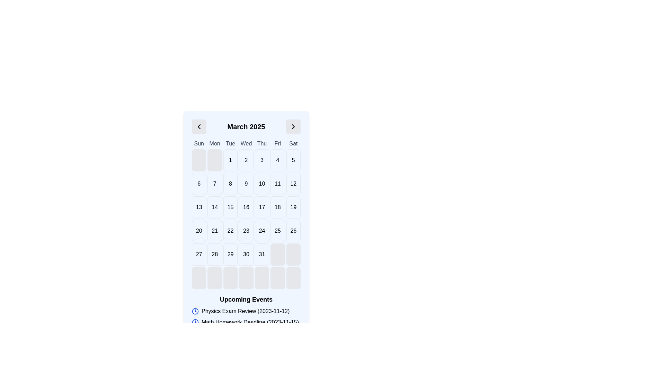  What do you see at coordinates (246, 322) in the screenshot?
I see `the text element containing information about the math homework deadline on 2023-11-15, located in the 'Upcoming Events' section as the second entry` at bounding box center [246, 322].